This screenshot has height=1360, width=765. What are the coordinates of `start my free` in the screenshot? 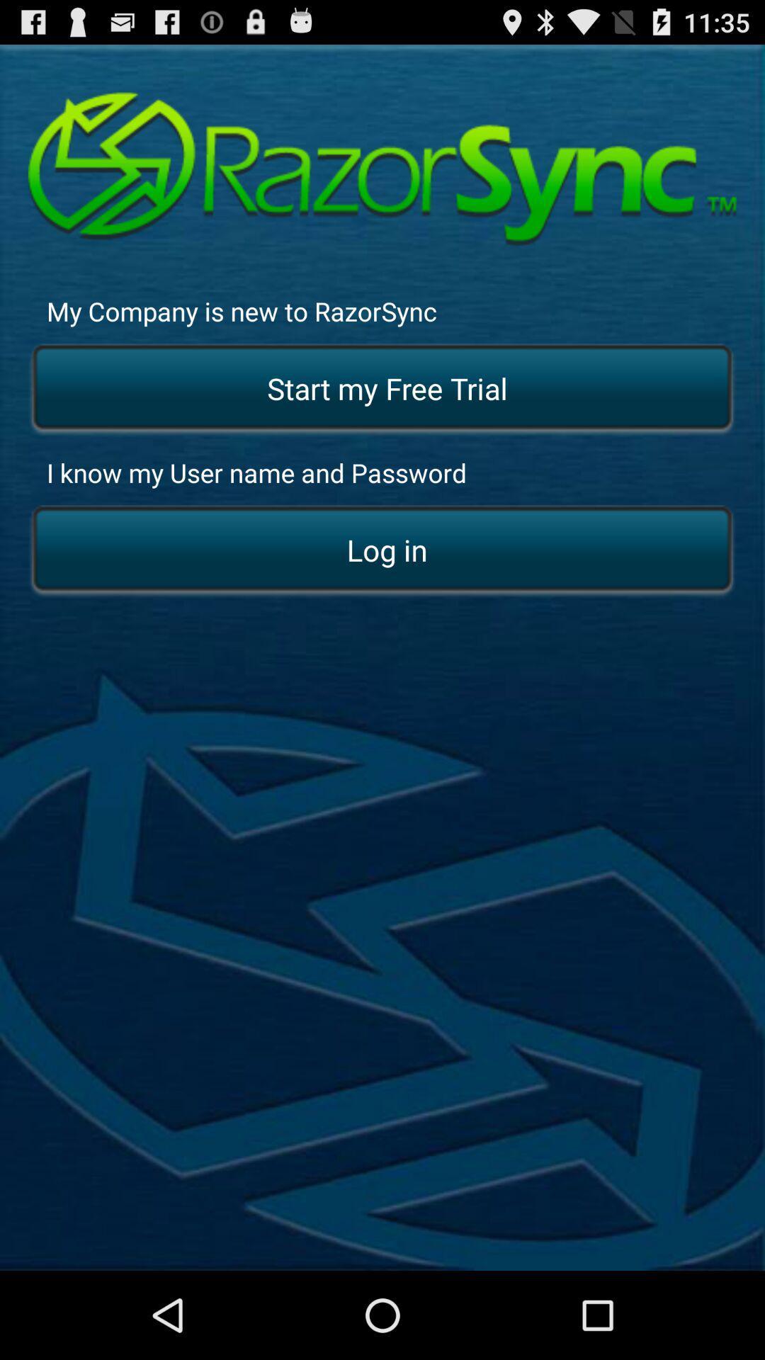 It's located at (382, 390).